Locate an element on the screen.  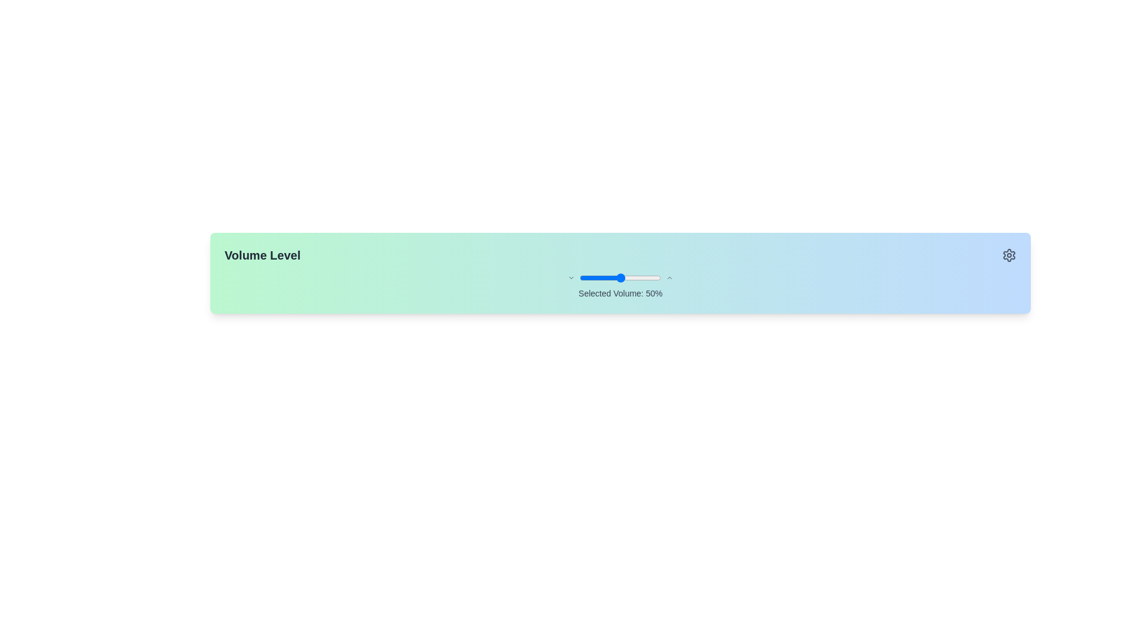
the settings icon is located at coordinates (1009, 254).